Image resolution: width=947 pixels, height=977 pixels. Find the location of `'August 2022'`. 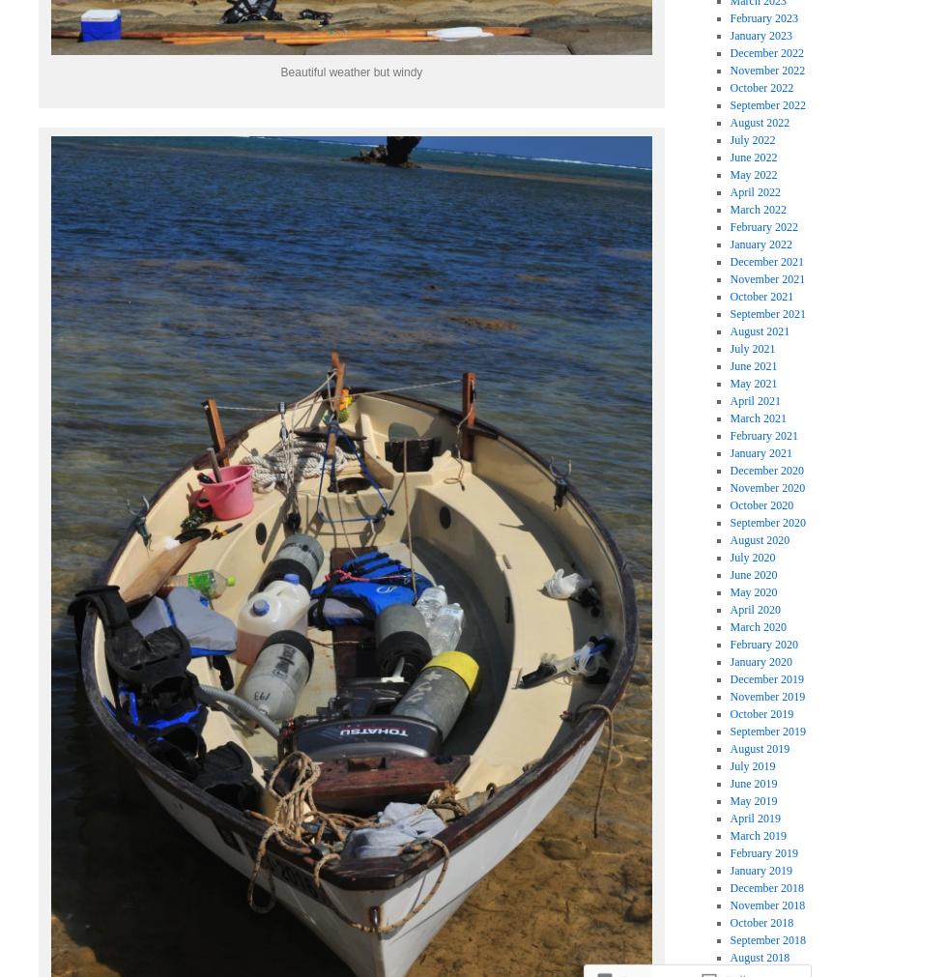

'August 2022' is located at coordinates (759, 120).